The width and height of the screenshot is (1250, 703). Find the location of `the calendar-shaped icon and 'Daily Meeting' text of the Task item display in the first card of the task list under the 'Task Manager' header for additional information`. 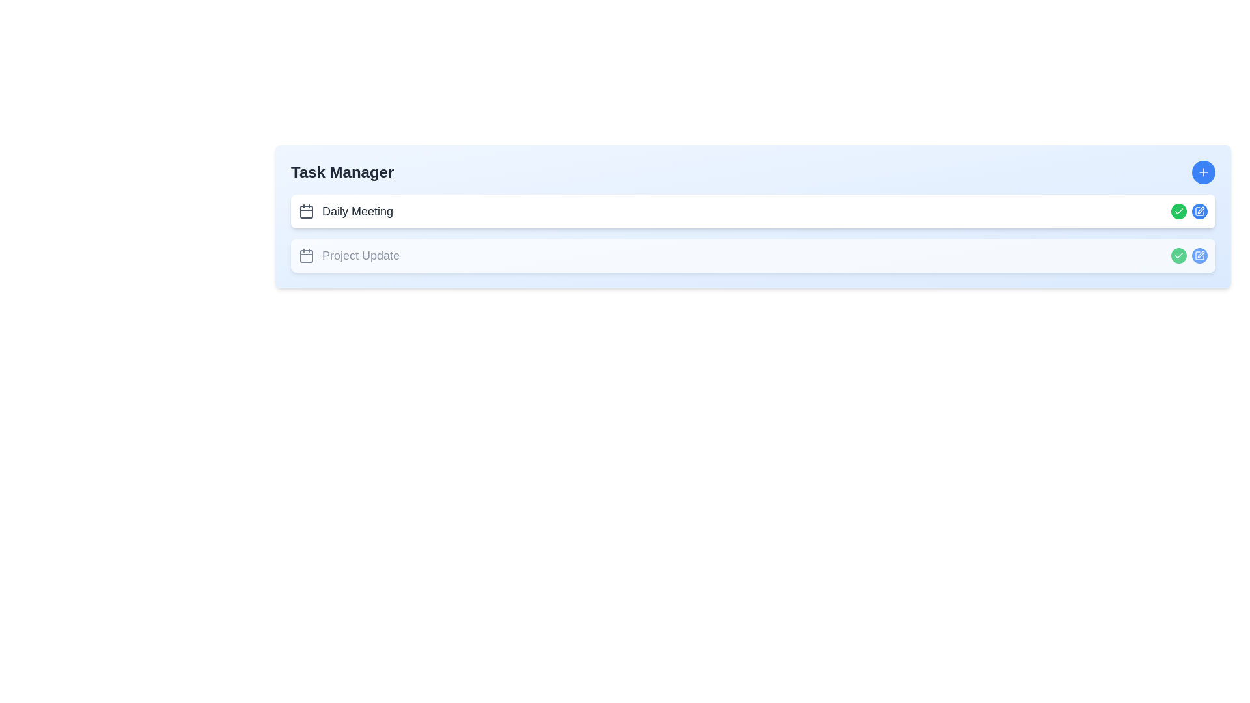

the calendar-shaped icon and 'Daily Meeting' text of the Task item display in the first card of the task list under the 'Task Manager' header for additional information is located at coordinates (346, 210).